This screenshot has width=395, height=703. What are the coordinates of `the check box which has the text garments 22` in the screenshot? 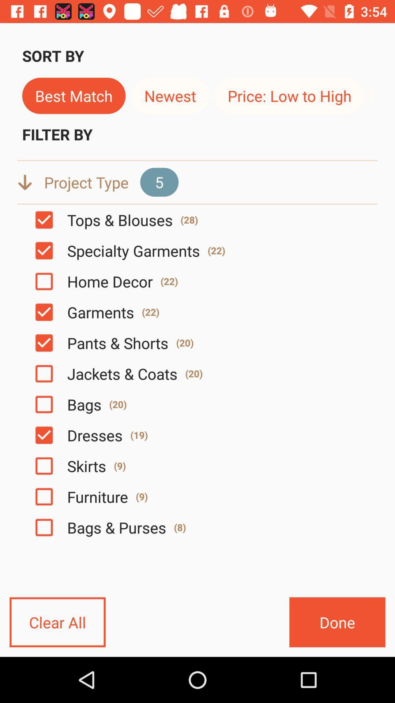 It's located at (44, 312).